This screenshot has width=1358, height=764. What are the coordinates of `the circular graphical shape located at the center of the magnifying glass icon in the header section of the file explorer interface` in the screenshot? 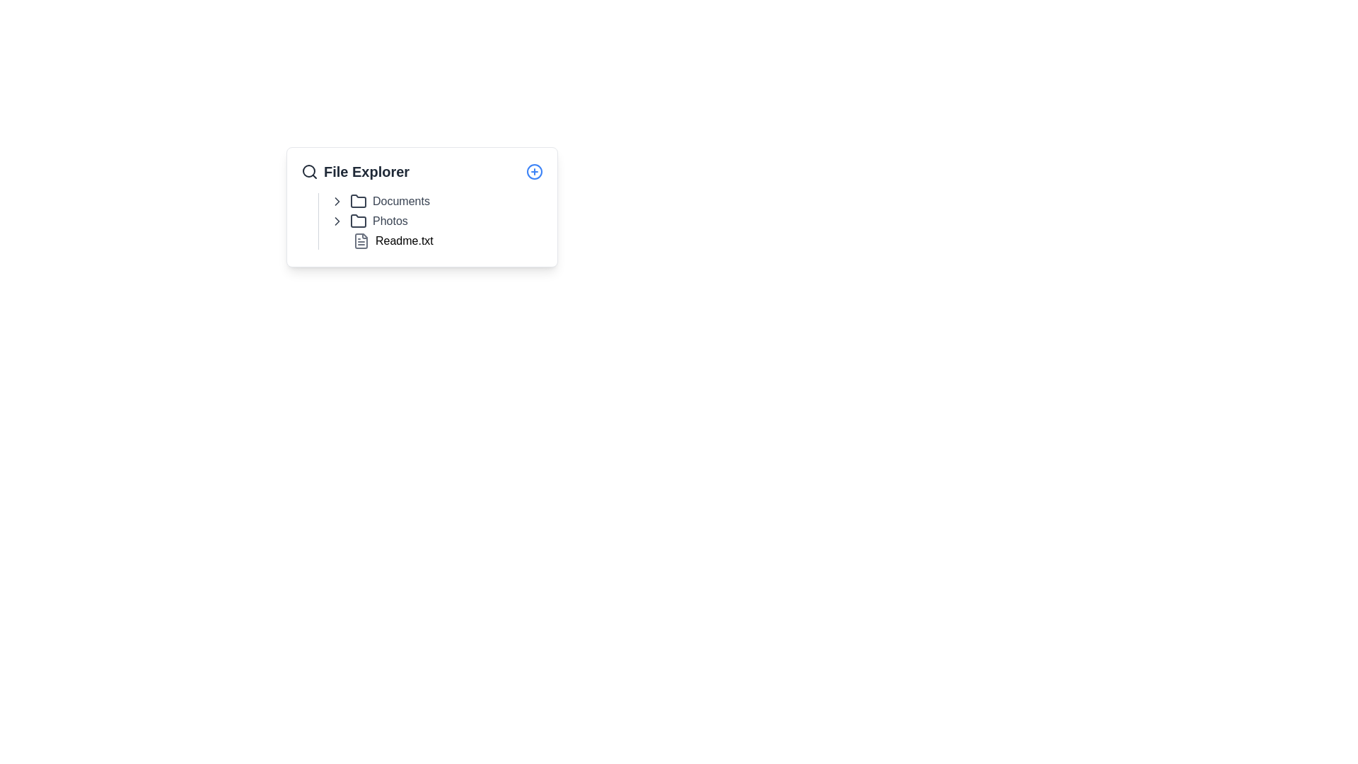 It's located at (308, 170).